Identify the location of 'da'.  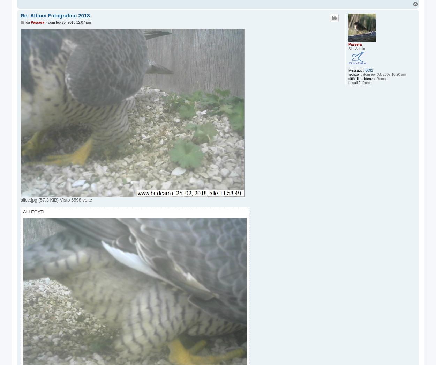
(28, 22).